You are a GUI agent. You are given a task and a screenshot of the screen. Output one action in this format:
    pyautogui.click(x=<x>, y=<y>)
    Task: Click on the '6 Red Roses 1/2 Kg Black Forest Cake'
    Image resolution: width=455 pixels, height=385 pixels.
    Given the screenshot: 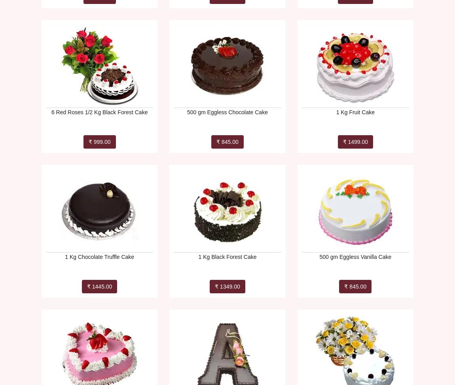 What is the action you would take?
    pyautogui.click(x=99, y=112)
    